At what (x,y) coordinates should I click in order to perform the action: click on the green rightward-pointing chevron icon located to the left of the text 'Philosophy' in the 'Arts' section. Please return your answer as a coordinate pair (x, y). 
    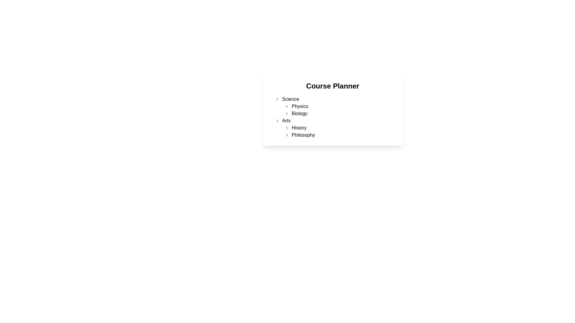
    Looking at the image, I should click on (287, 135).